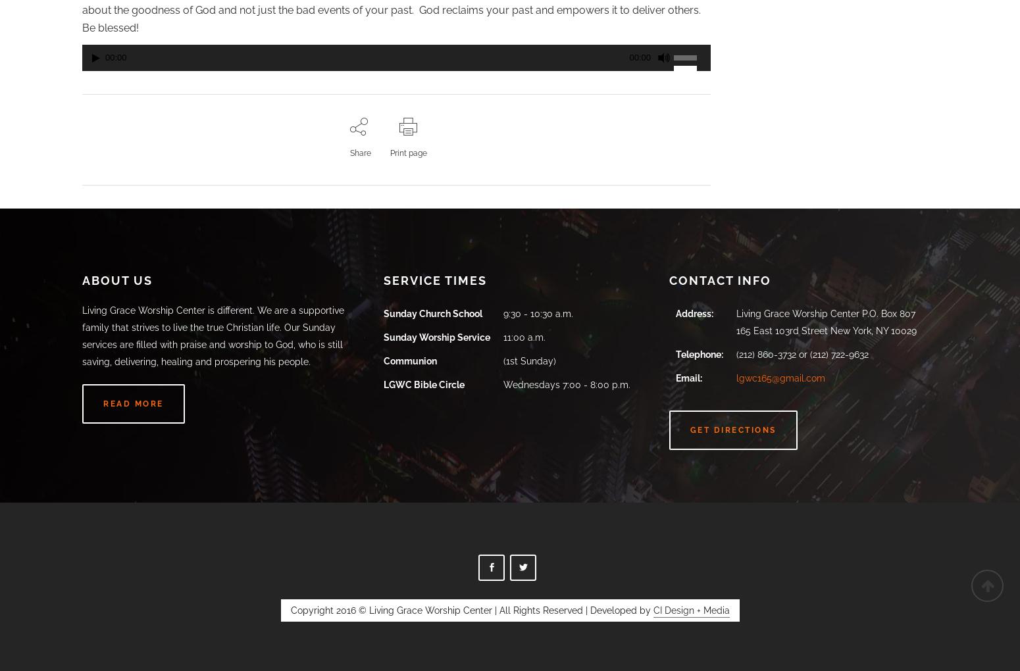 Image resolution: width=1020 pixels, height=671 pixels. What do you see at coordinates (436, 336) in the screenshot?
I see `'Sunday Worship Service'` at bounding box center [436, 336].